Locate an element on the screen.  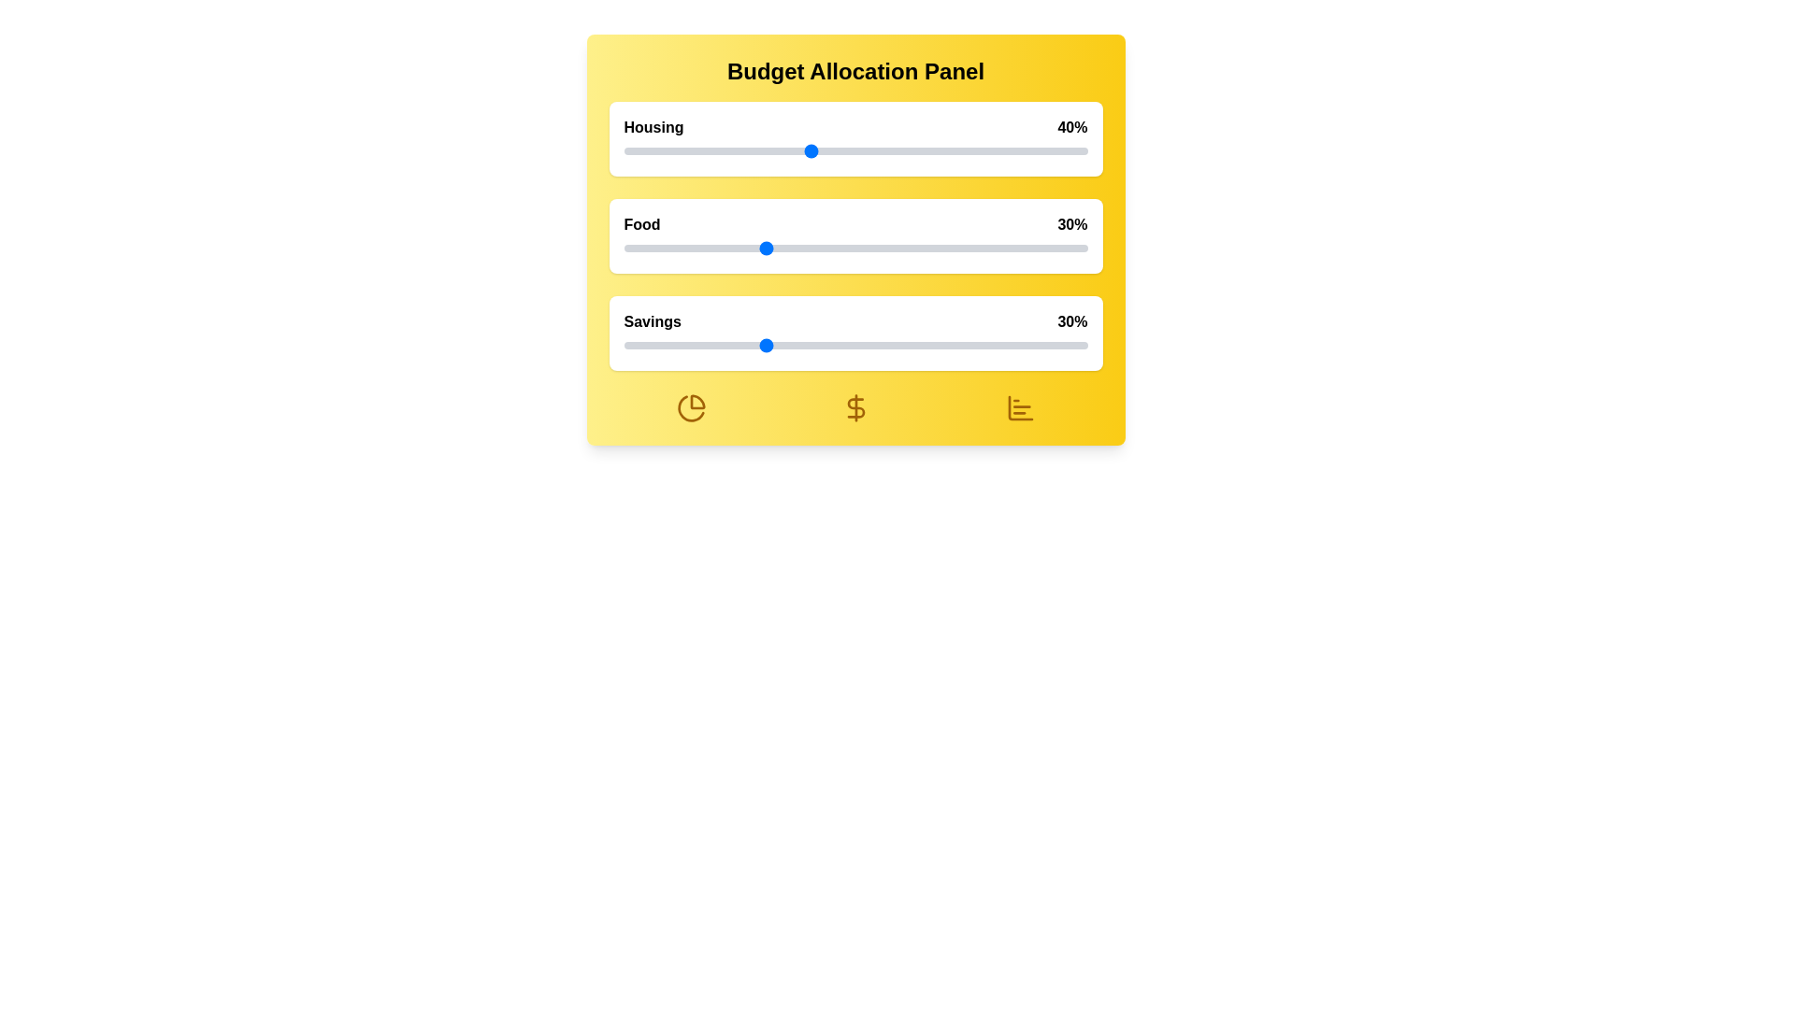
the allocation percentage for 'Food' is located at coordinates (749, 248).